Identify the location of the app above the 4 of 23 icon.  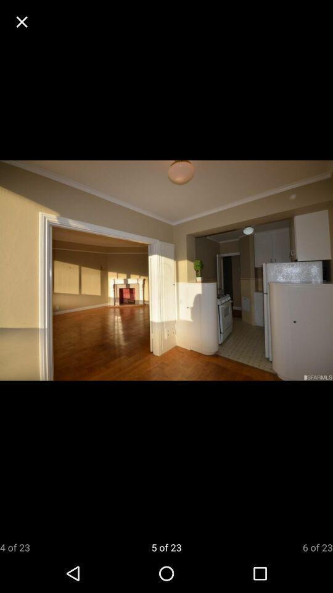
(22, 21).